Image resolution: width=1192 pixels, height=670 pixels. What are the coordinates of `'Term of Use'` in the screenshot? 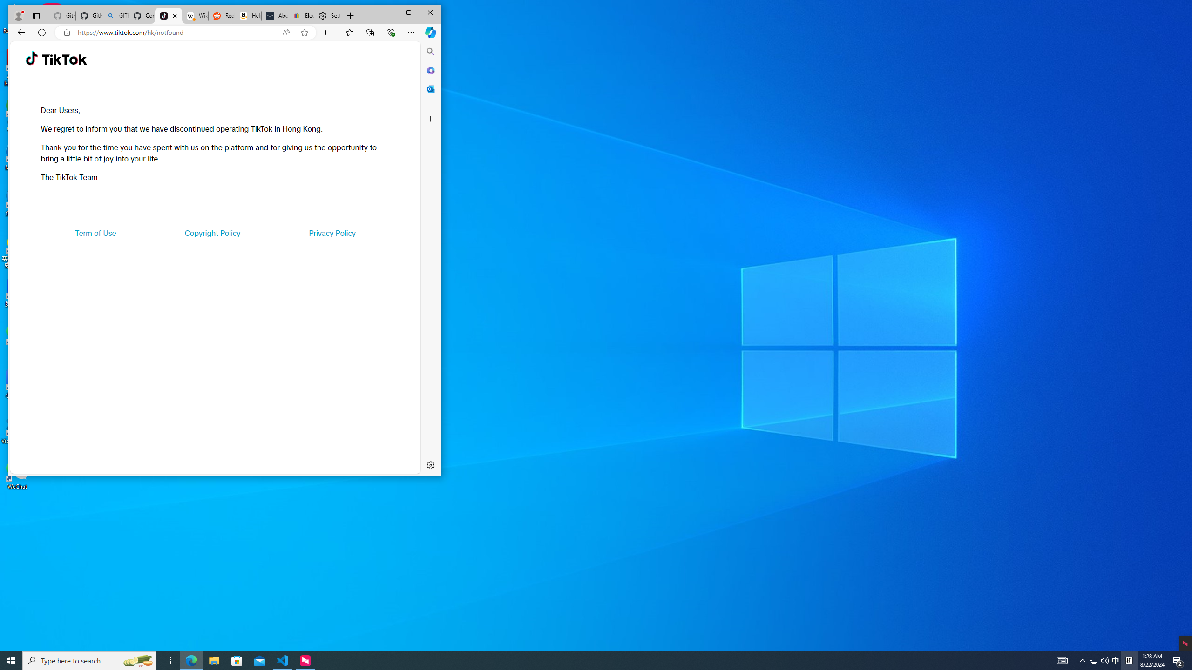 It's located at (95, 233).